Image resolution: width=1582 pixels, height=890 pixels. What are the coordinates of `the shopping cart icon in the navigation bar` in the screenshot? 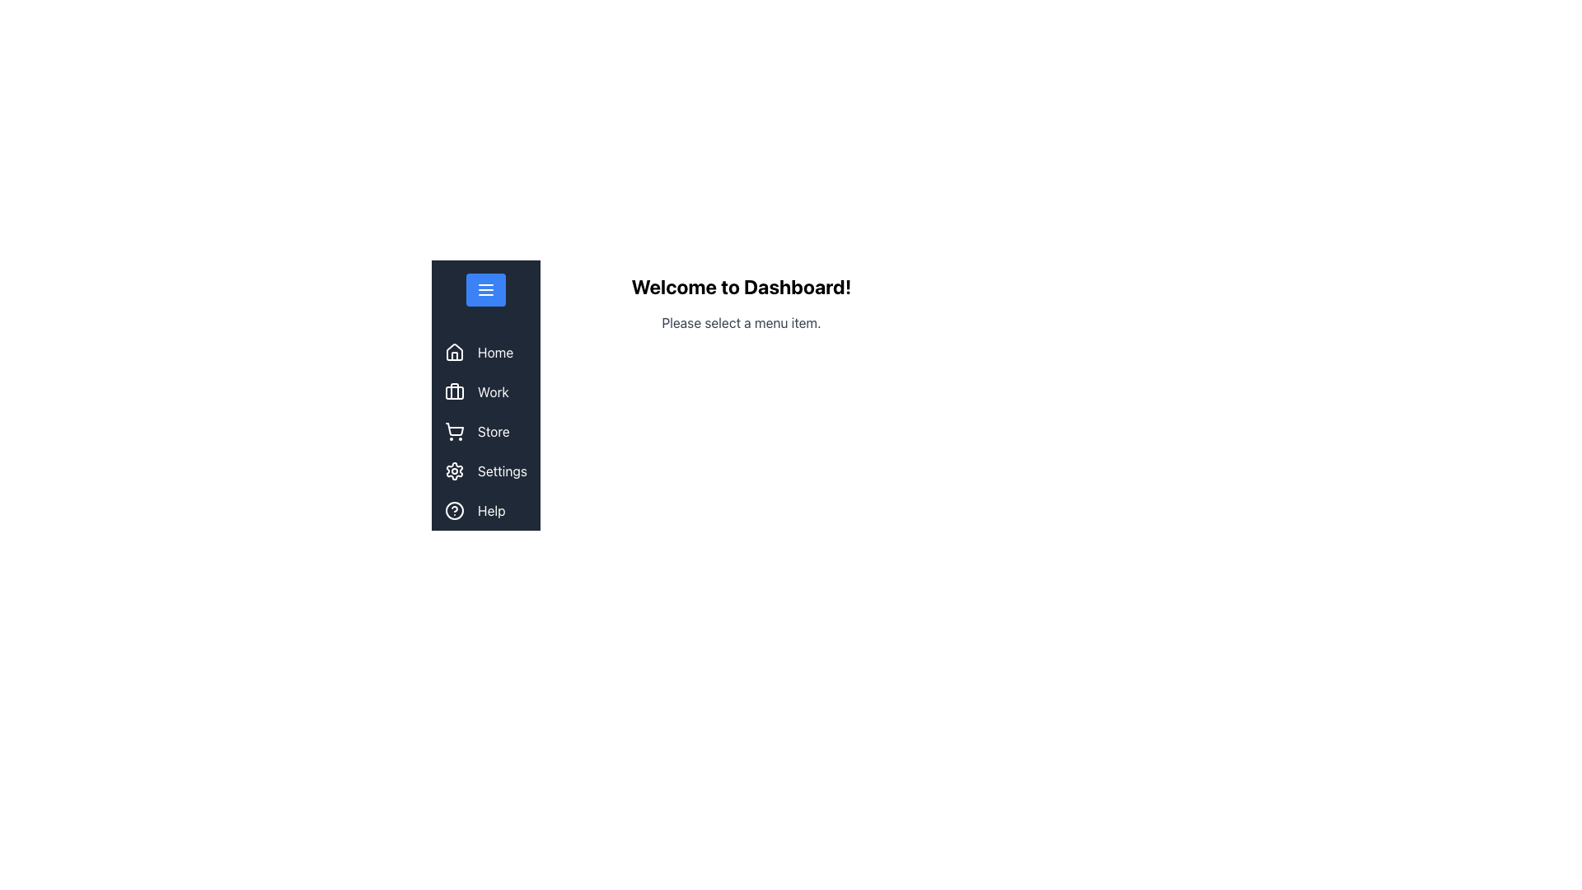 It's located at (455, 431).